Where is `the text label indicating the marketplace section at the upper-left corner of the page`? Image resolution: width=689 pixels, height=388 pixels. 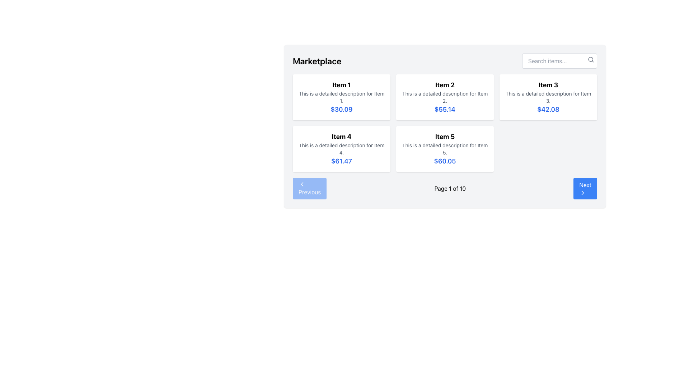
the text label indicating the marketplace section at the upper-left corner of the page is located at coordinates (317, 60).